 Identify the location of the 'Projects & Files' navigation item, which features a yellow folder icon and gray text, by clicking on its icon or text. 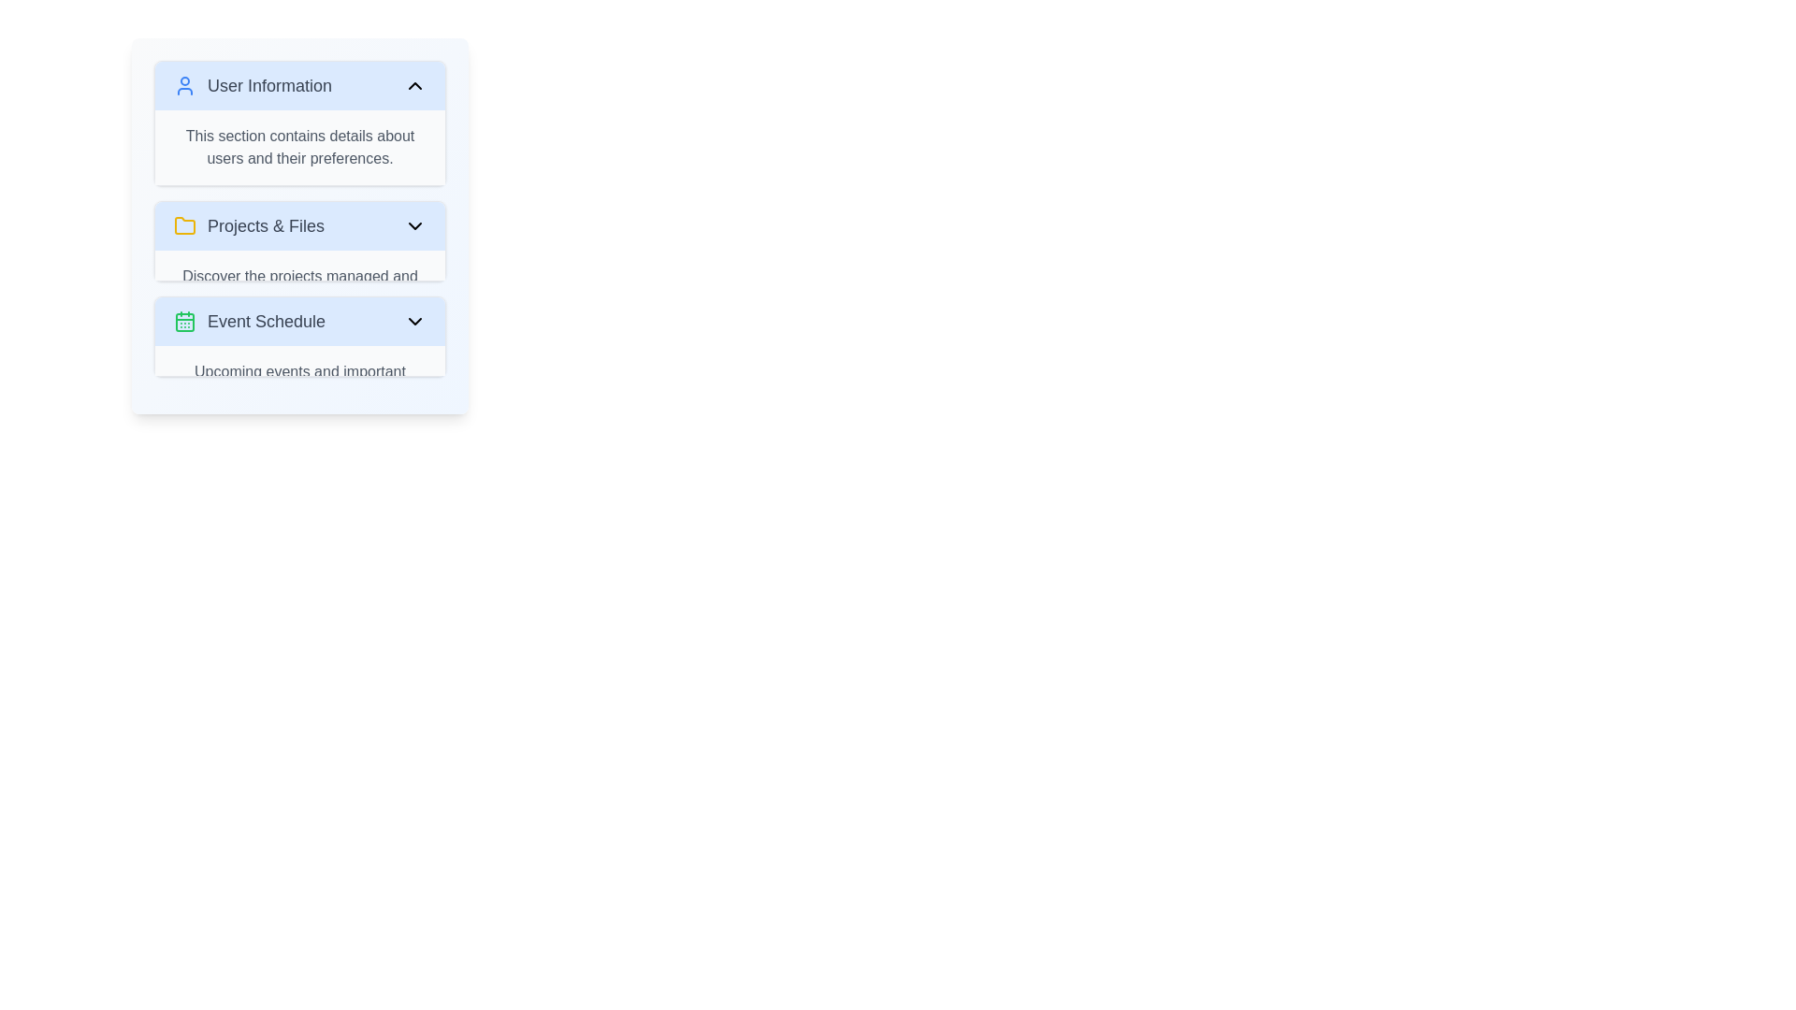
(248, 225).